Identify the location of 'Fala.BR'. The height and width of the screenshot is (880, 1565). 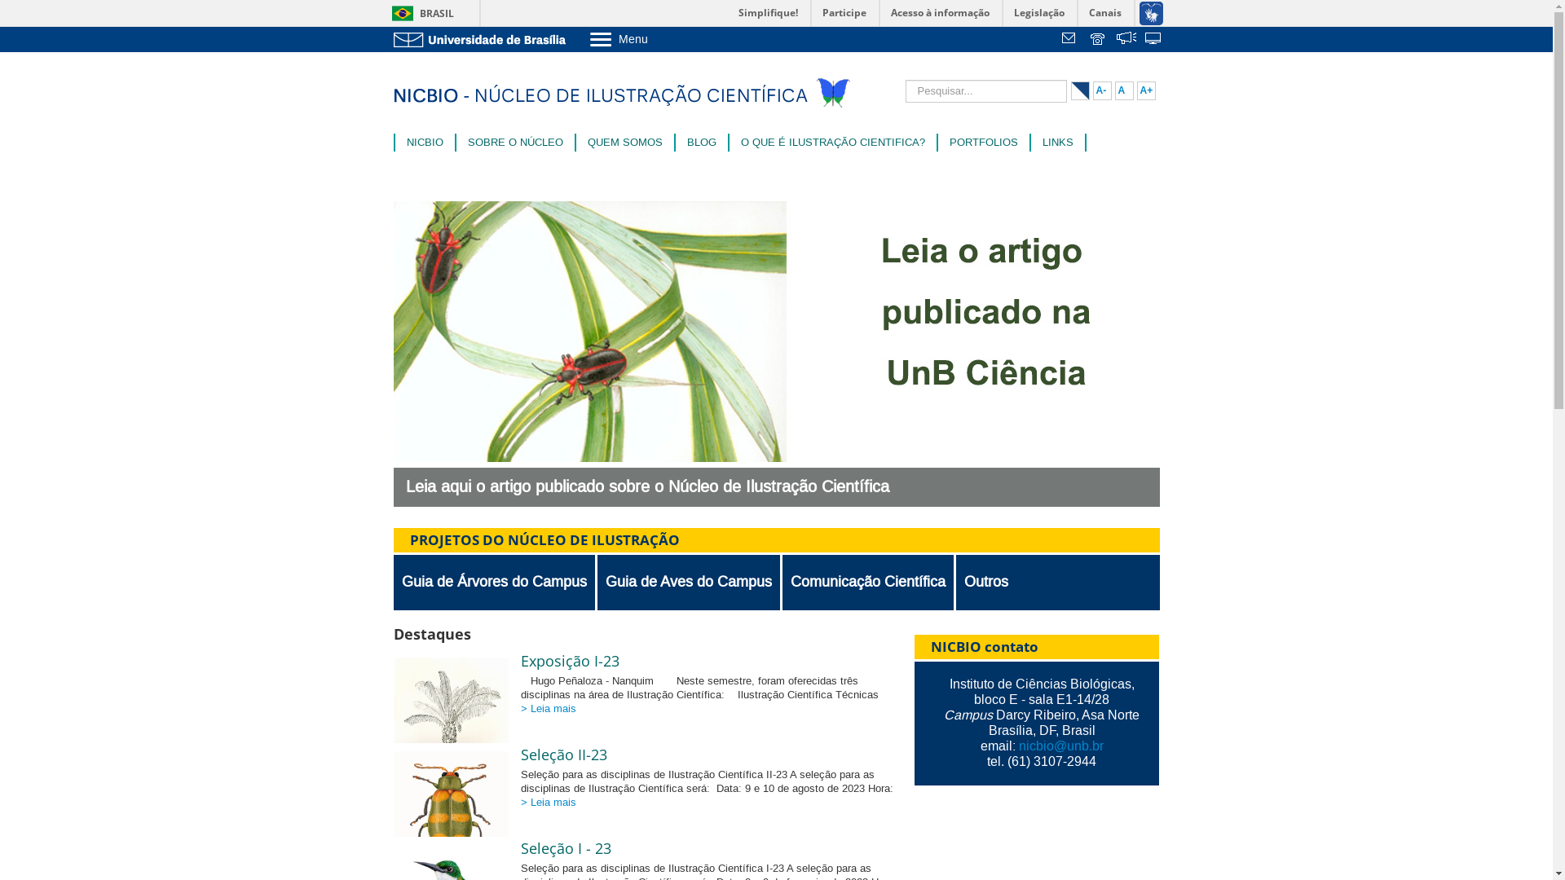
(1115, 39).